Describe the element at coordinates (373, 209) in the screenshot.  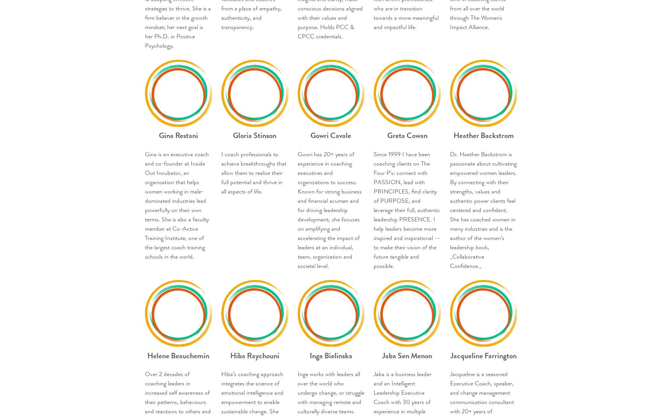
I see `'Since 1999 I have been coaching clients on The Four P's: connect with PASSION, lead with PRINCIPLES, find clarity of PURPOSE, and leverage their full, authentic leadership PRESENCE. I help leaders become more inspired and inspirational -- to make their vision of the future tangible and possible.'` at that location.